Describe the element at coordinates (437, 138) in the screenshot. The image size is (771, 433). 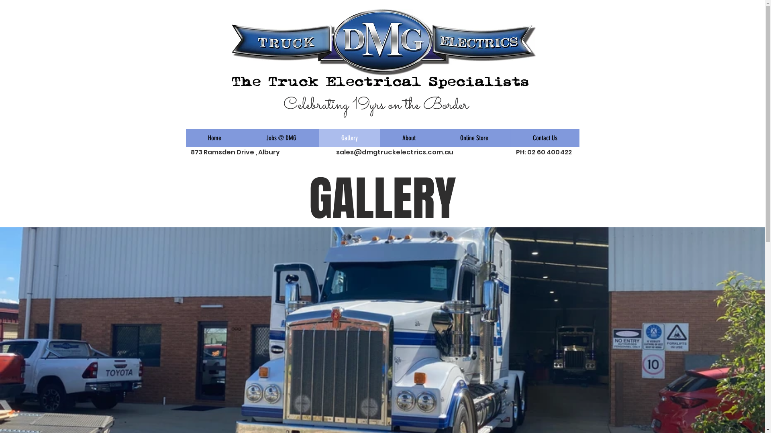
I see `'Online Store'` at that location.